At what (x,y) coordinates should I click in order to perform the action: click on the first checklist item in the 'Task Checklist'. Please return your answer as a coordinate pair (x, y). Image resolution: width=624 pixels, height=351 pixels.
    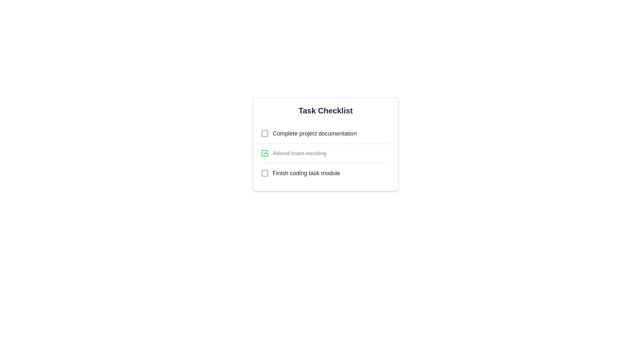
    Looking at the image, I should click on (308, 133).